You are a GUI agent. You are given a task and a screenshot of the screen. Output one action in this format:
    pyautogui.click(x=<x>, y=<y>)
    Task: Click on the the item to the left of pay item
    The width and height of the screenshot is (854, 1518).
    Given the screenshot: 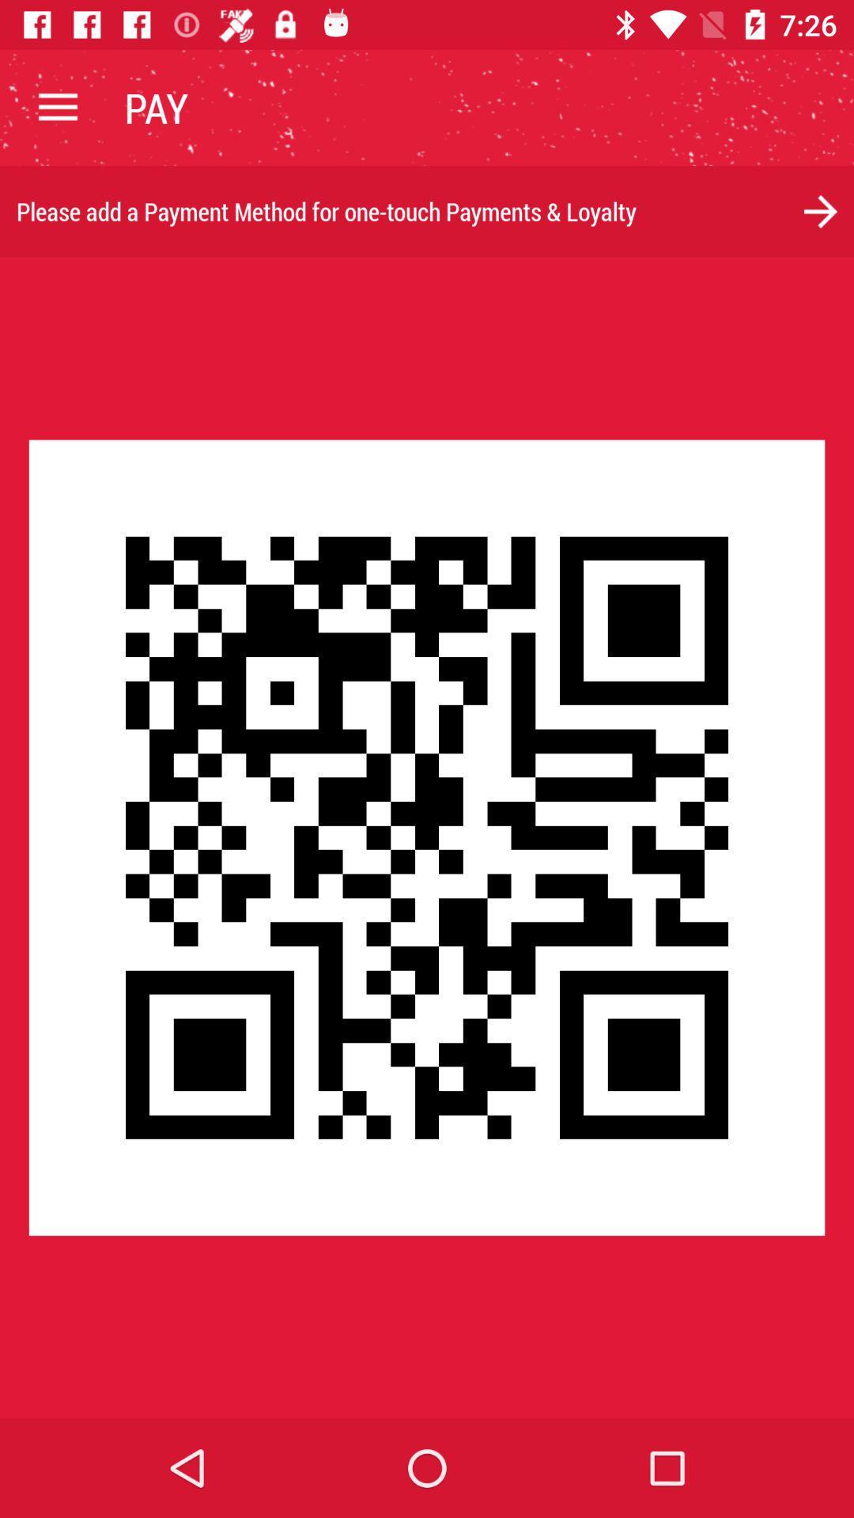 What is the action you would take?
    pyautogui.click(x=57, y=107)
    